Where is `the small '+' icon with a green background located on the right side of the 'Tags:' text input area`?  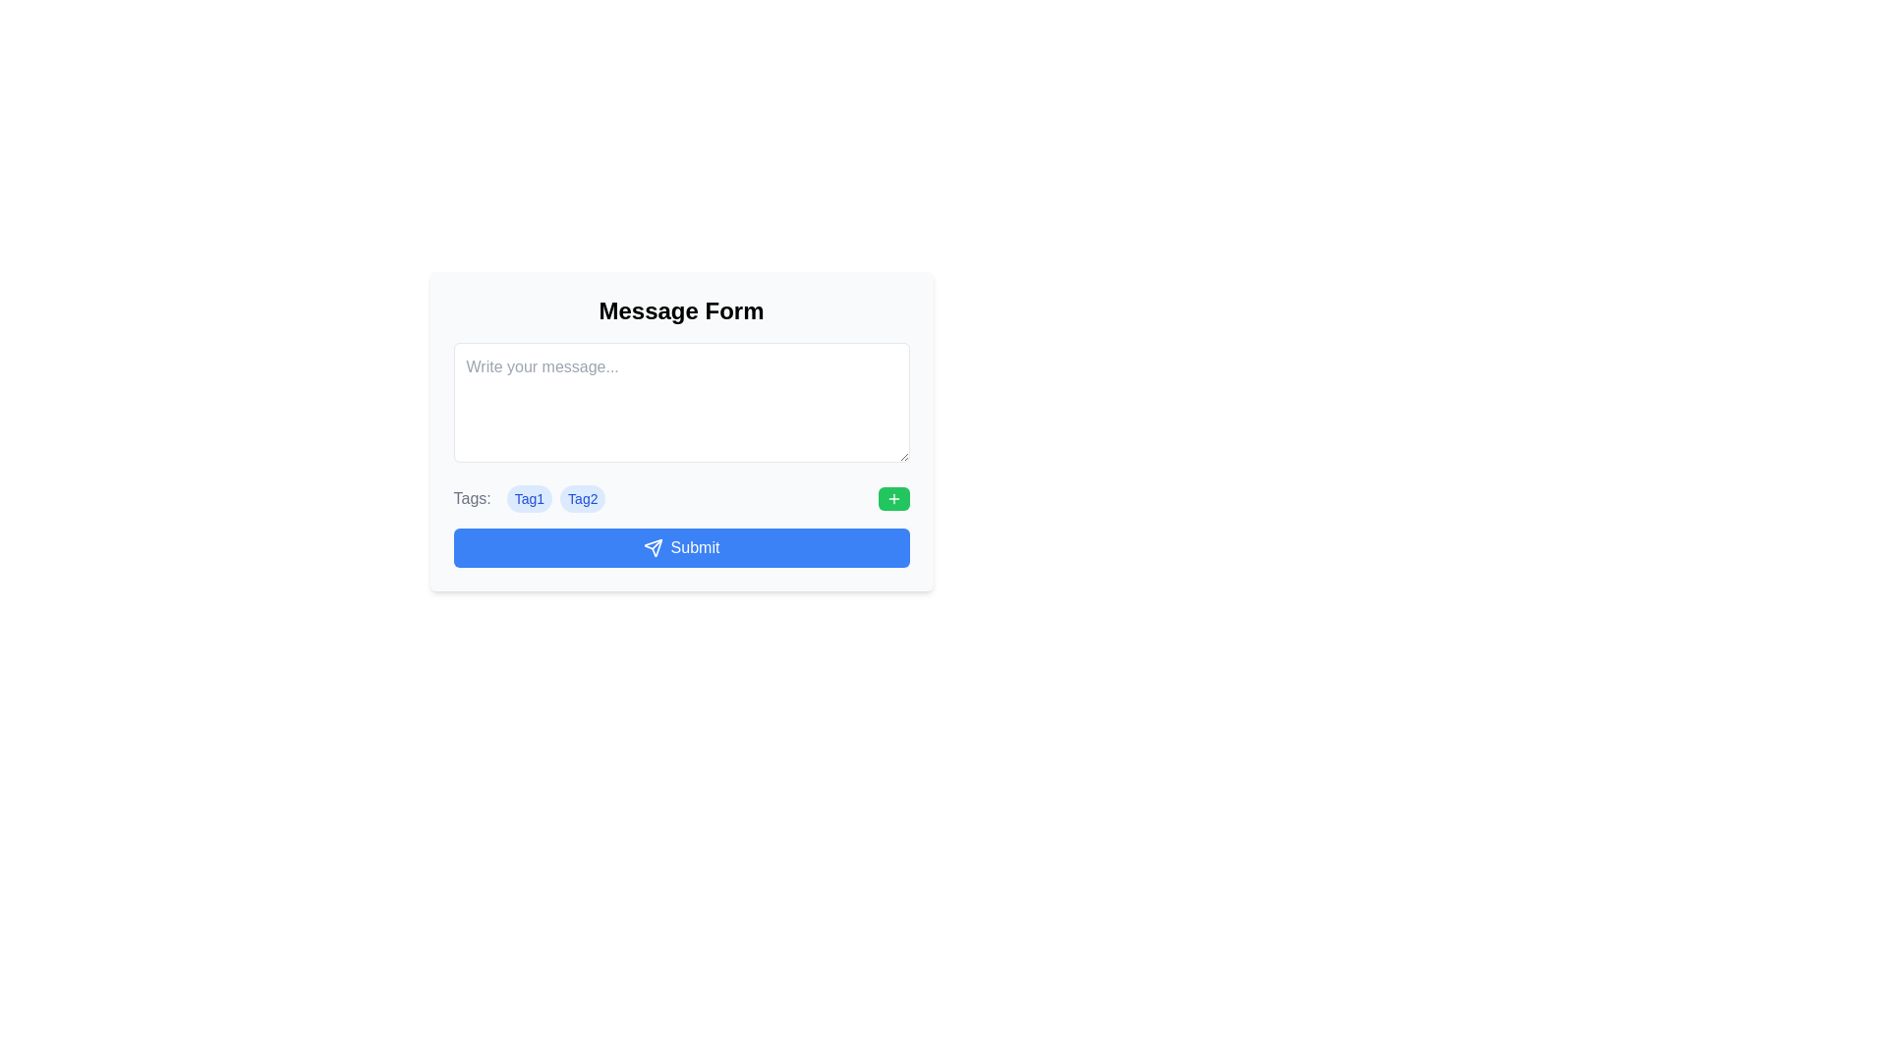
the small '+' icon with a green background located on the right side of the 'Tags:' text input area is located at coordinates (892, 498).